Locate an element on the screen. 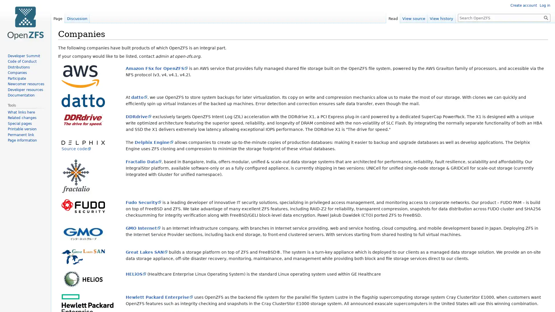 This screenshot has height=312, width=555. Search is located at coordinates (546, 17).